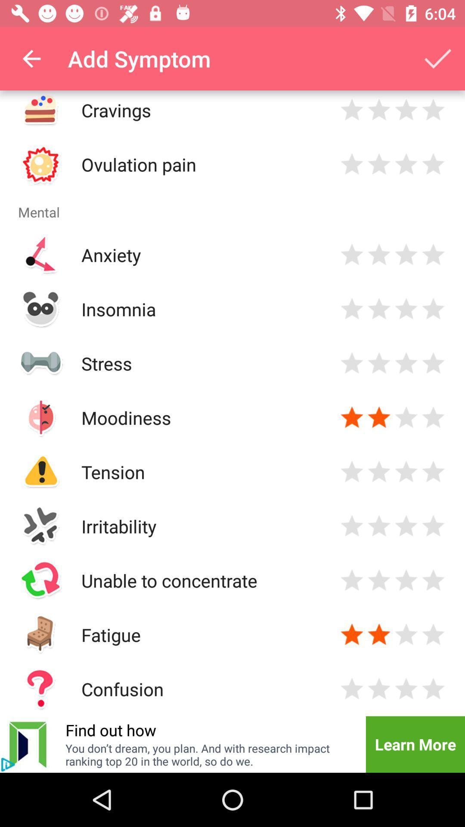  Describe the element at coordinates (433, 109) in the screenshot. I see `feedback` at that location.